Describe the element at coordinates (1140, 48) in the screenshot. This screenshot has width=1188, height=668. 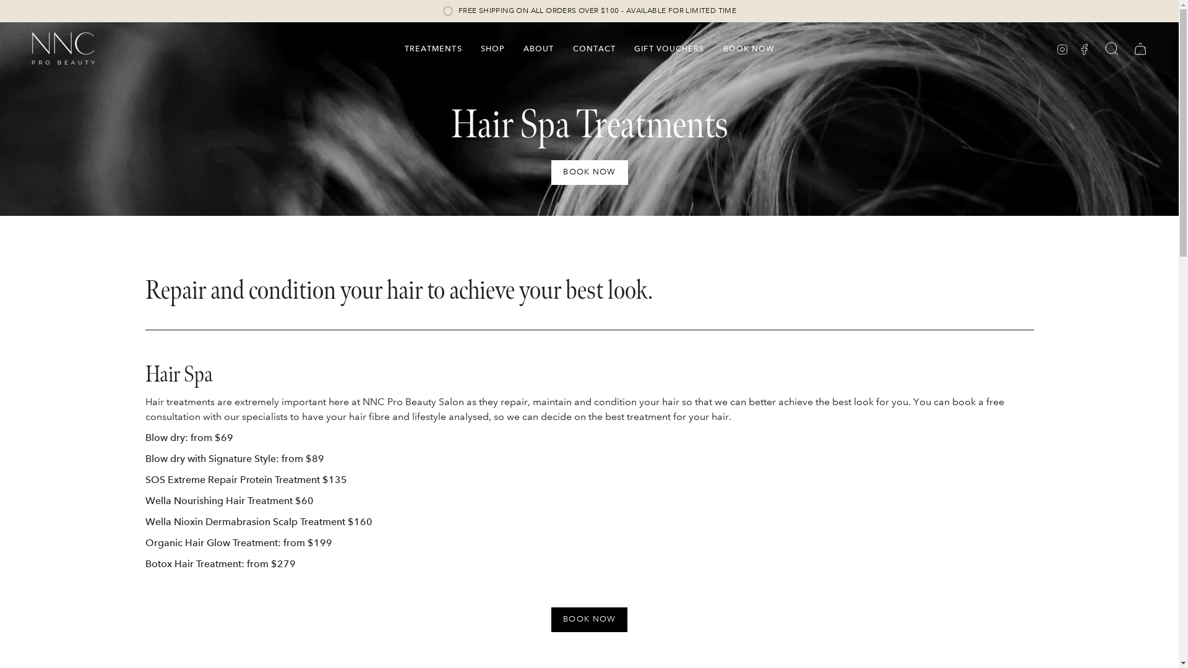
I see `'CART'` at that location.